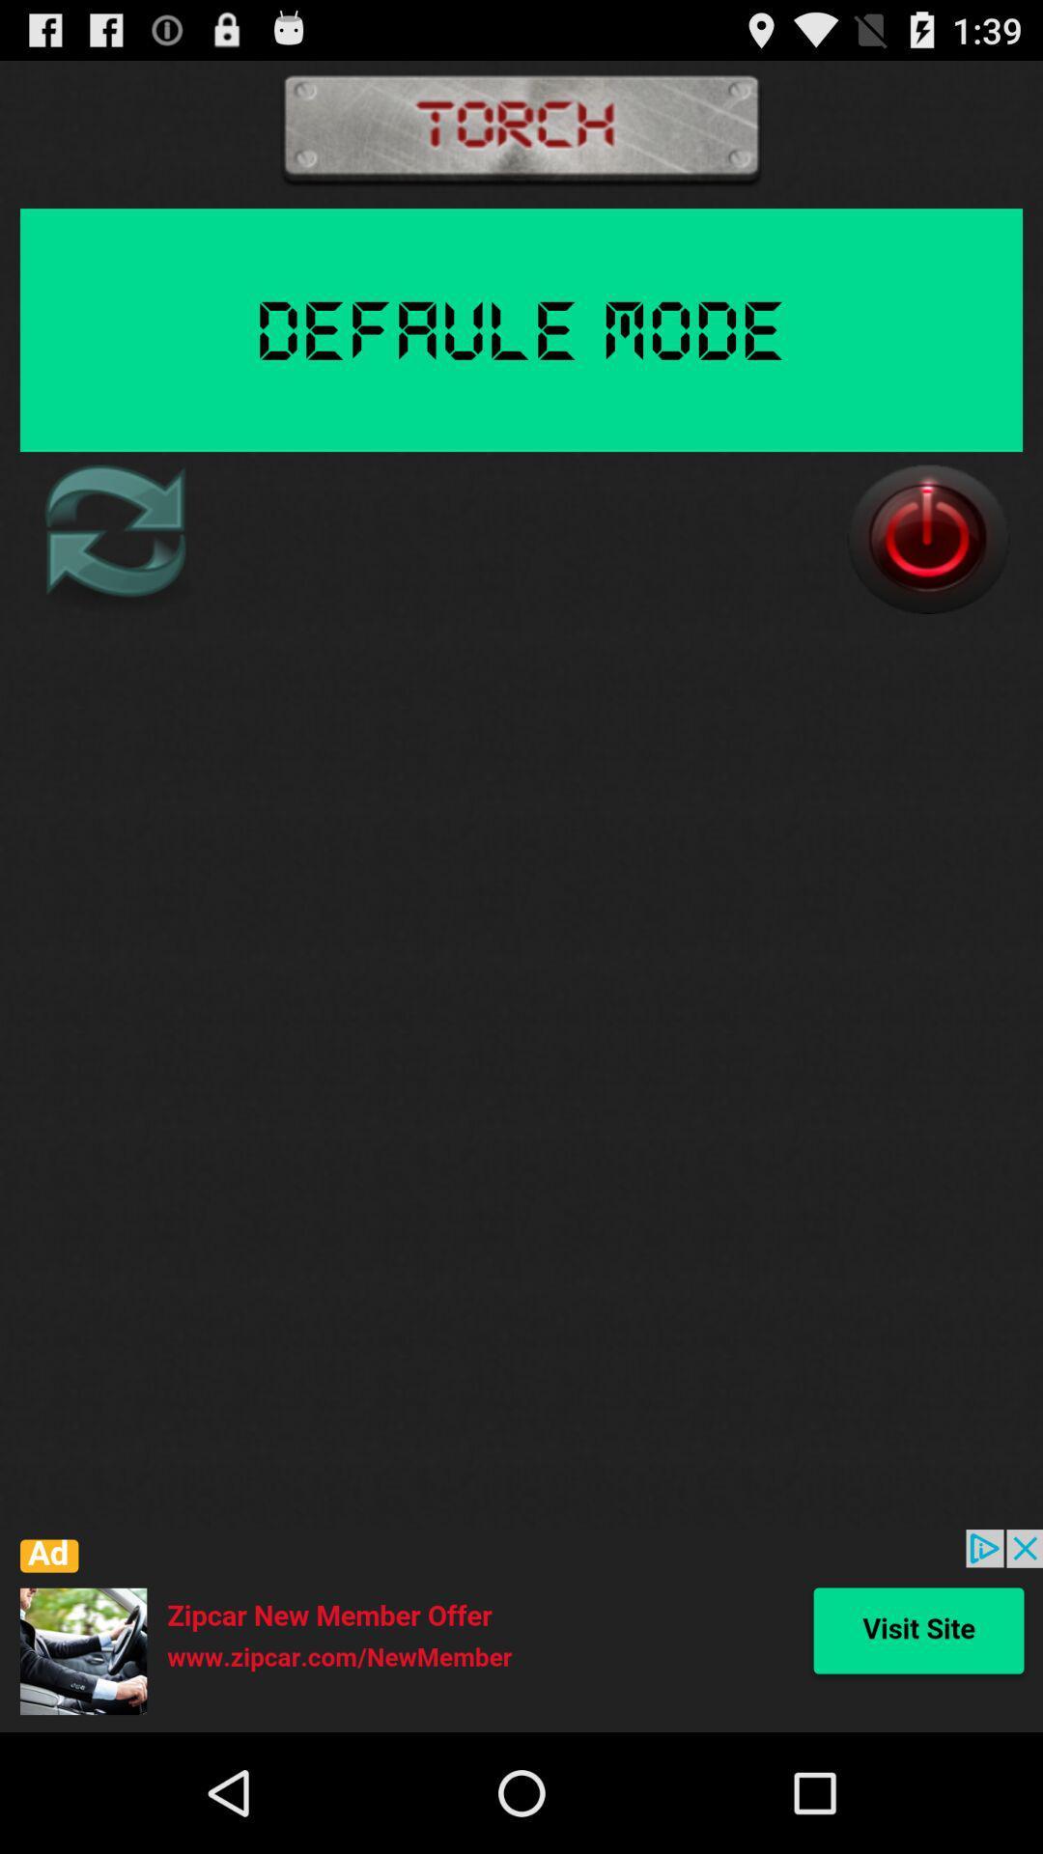  Describe the element at coordinates (114, 539) in the screenshot. I see `refresh` at that location.